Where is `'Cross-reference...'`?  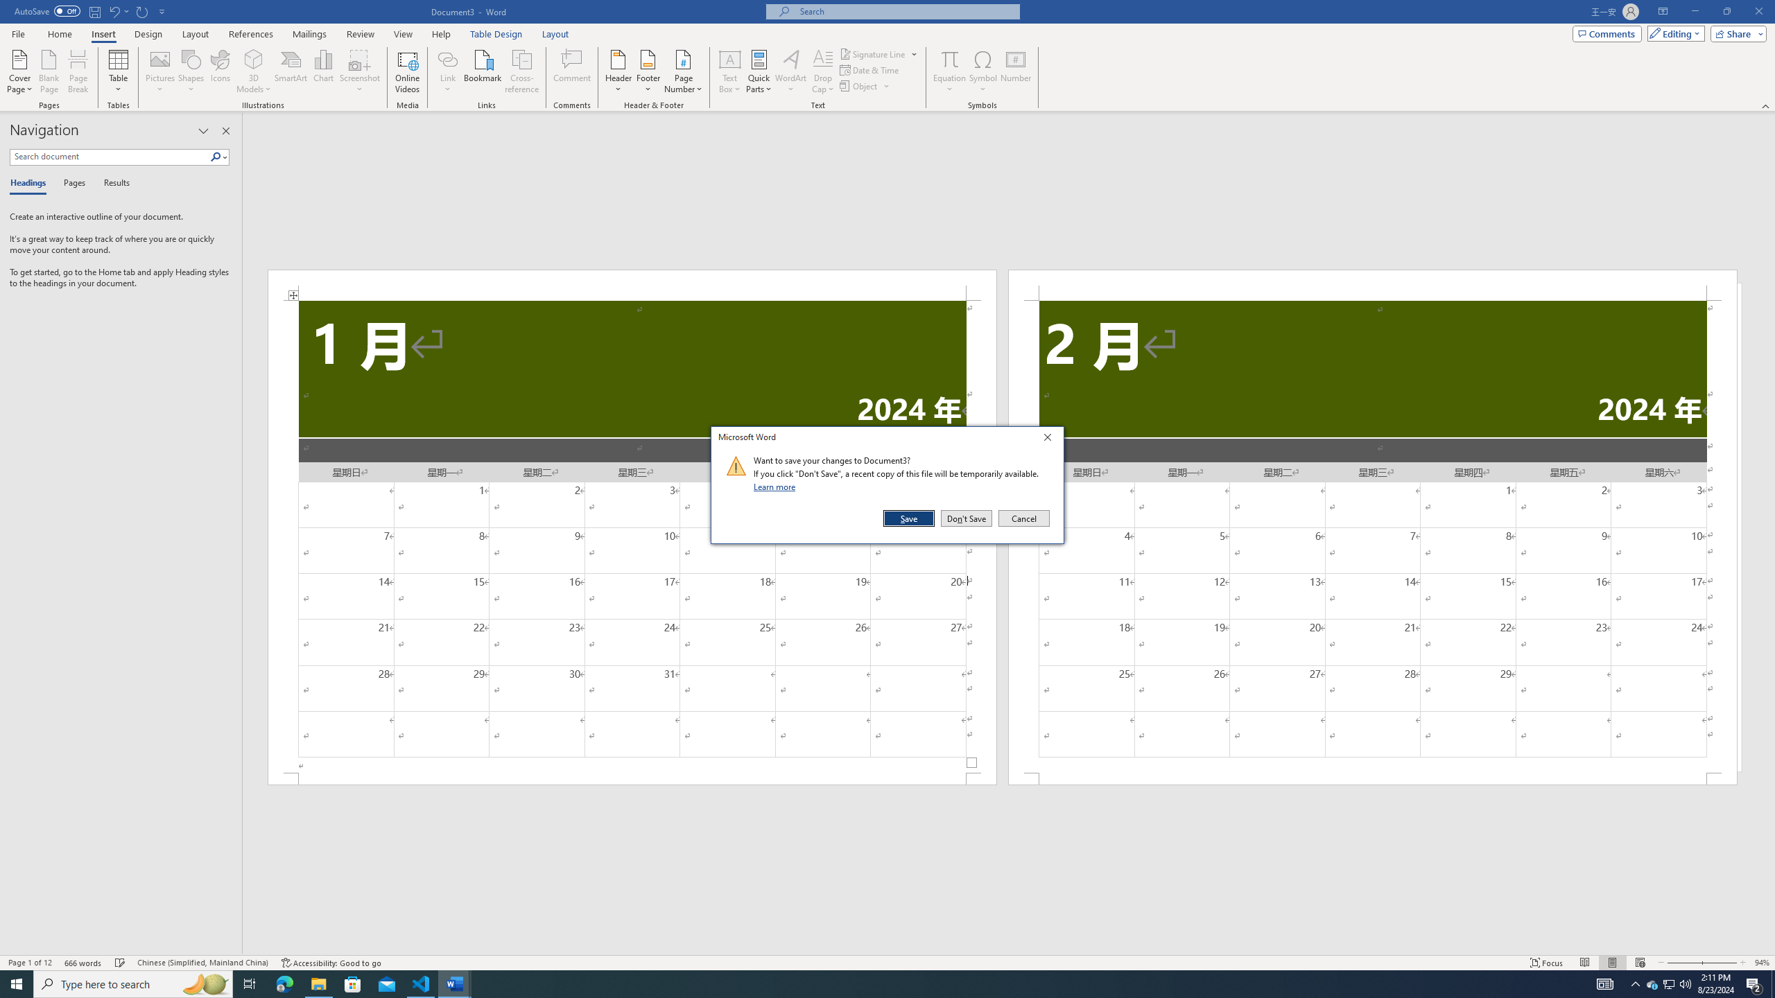
'Cross-reference...' is located at coordinates (522, 71).